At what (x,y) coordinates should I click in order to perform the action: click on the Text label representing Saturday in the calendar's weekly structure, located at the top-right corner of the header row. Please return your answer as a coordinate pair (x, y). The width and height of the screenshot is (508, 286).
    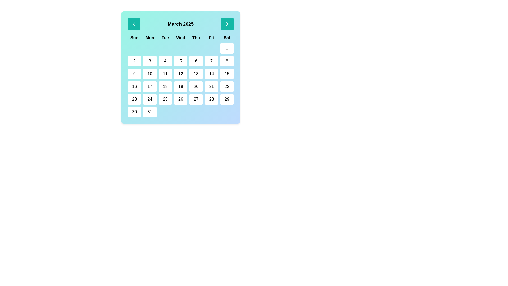
    Looking at the image, I should click on (227, 37).